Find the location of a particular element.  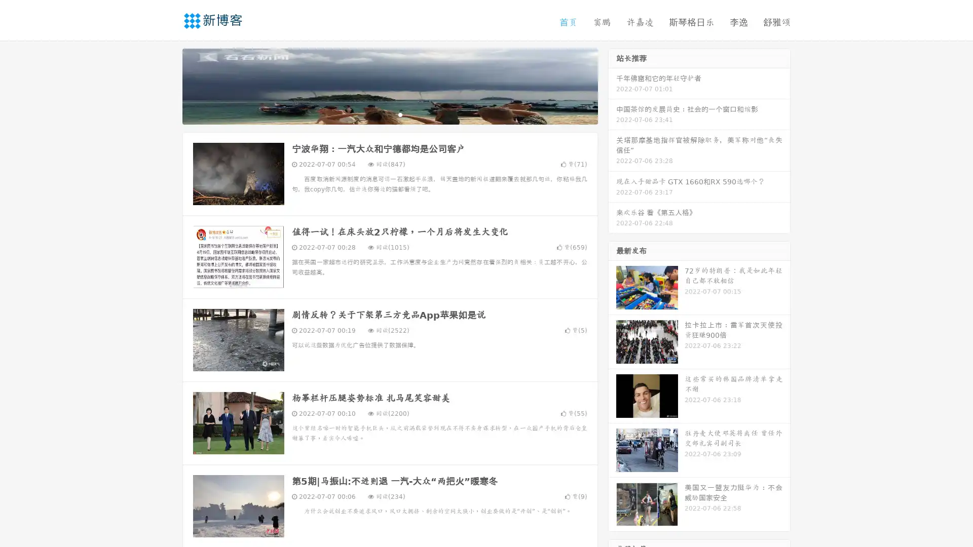

Next slide is located at coordinates (612, 85).